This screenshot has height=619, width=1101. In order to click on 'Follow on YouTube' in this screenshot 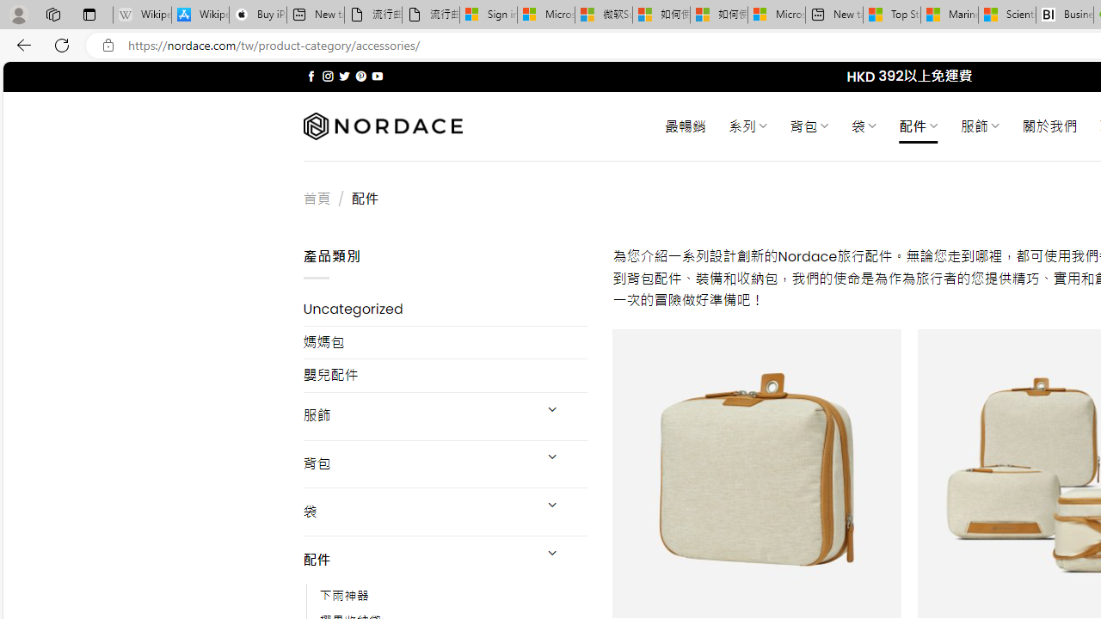, I will do `click(377, 76)`.